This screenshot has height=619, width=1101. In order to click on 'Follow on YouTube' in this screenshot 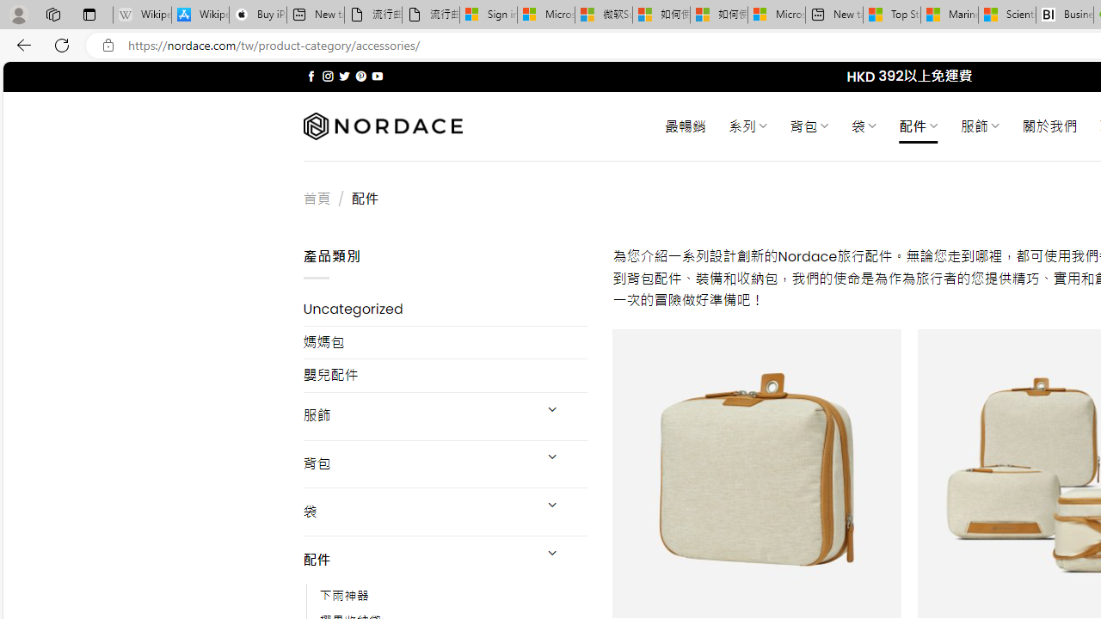, I will do `click(377, 76)`.